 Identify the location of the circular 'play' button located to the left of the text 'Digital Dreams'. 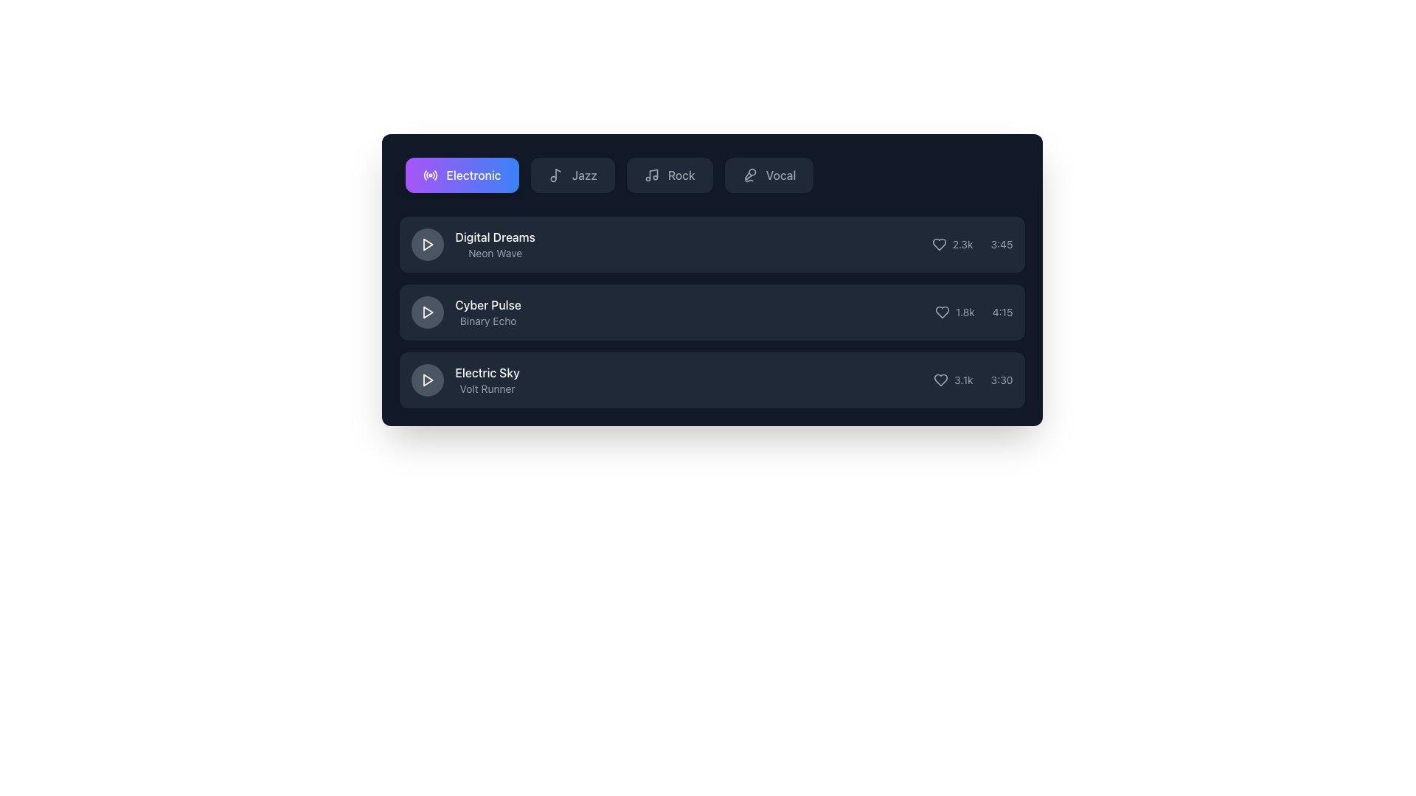
(427, 243).